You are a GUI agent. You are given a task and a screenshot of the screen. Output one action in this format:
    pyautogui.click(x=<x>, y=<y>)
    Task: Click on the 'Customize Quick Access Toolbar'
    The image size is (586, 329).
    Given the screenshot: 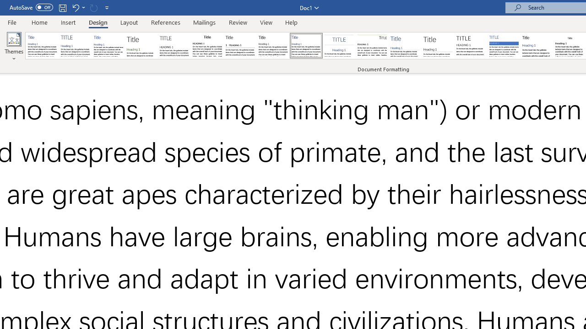 What is the action you would take?
    pyautogui.click(x=107, y=7)
    